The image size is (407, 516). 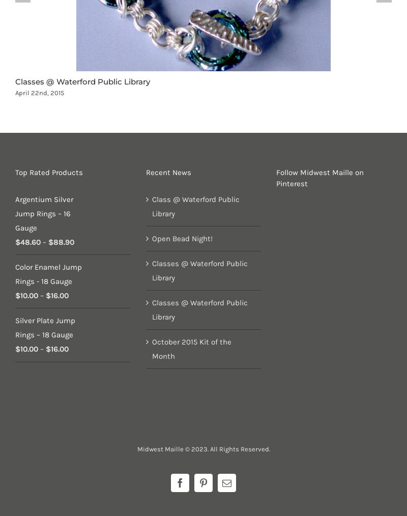 I want to click on 'April 22nd, 2015', so click(x=40, y=92).